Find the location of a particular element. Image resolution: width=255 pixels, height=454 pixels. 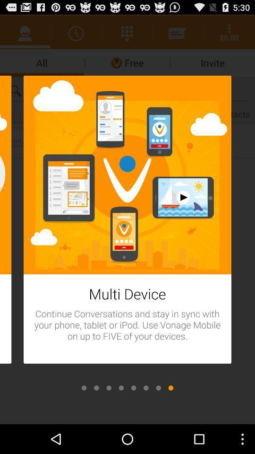

previous page is located at coordinates (108, 388).